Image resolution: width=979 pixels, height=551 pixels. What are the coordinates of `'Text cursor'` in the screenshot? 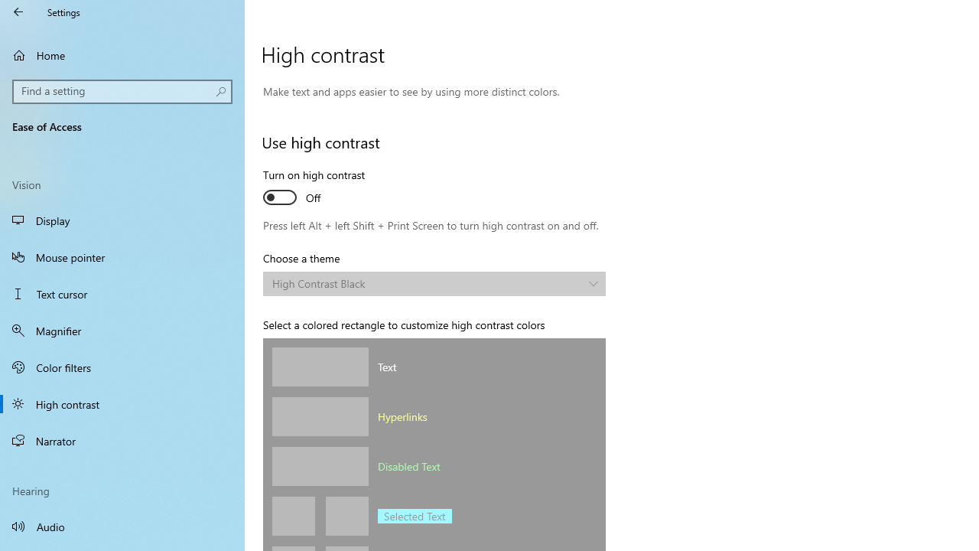 It's located at (122, 294).